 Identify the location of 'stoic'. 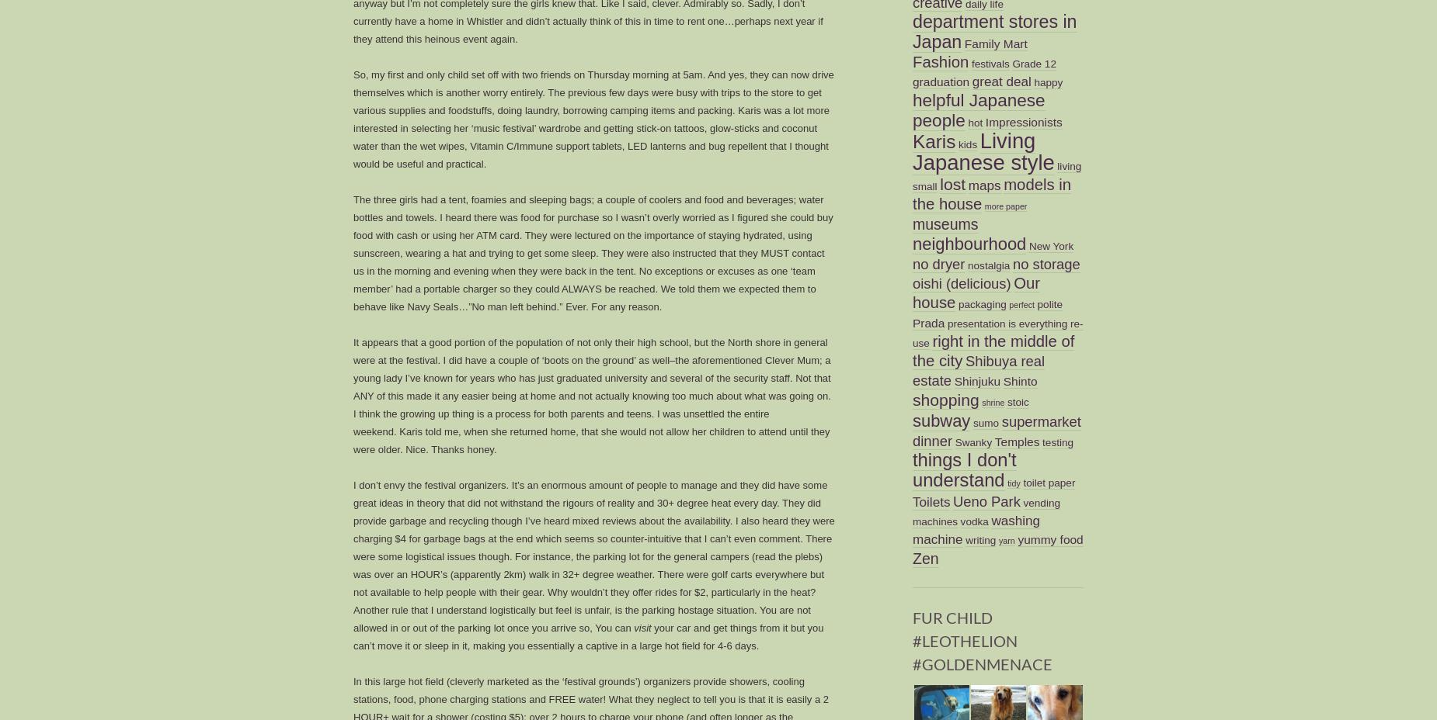
(1016, 400).